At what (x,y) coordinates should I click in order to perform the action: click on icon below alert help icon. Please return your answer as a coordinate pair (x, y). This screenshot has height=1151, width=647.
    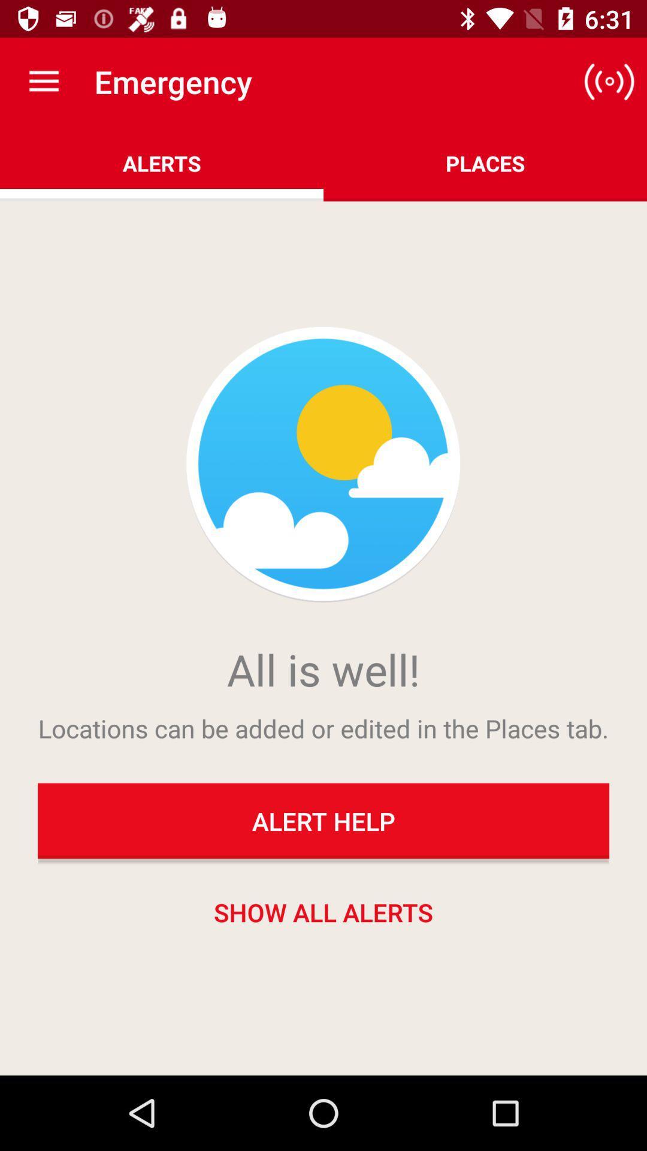
    Looking at the image, I should click on (323, 911).